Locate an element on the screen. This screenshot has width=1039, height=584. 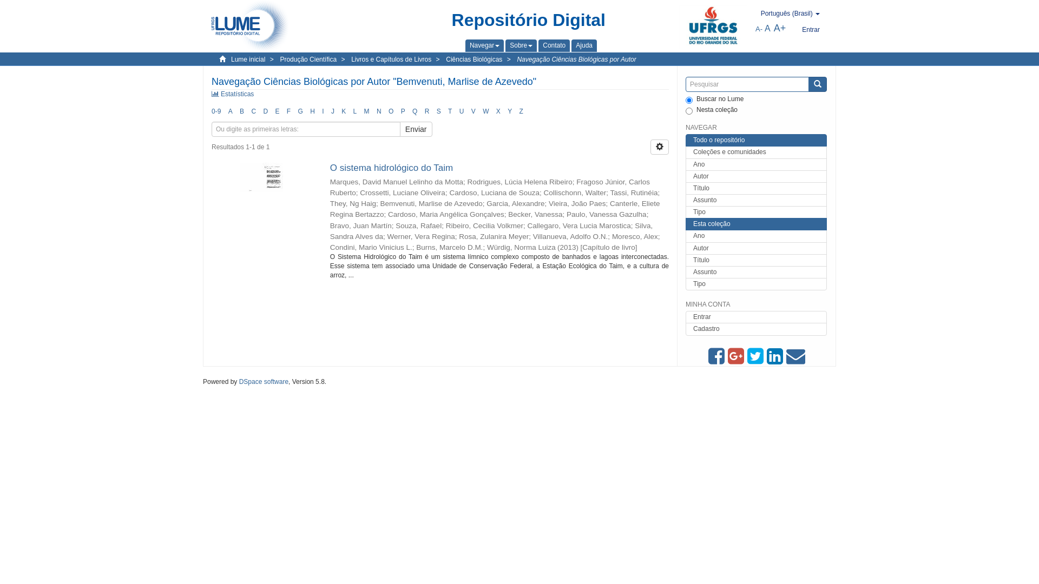
'A+' is located at coordinates (780, 27).